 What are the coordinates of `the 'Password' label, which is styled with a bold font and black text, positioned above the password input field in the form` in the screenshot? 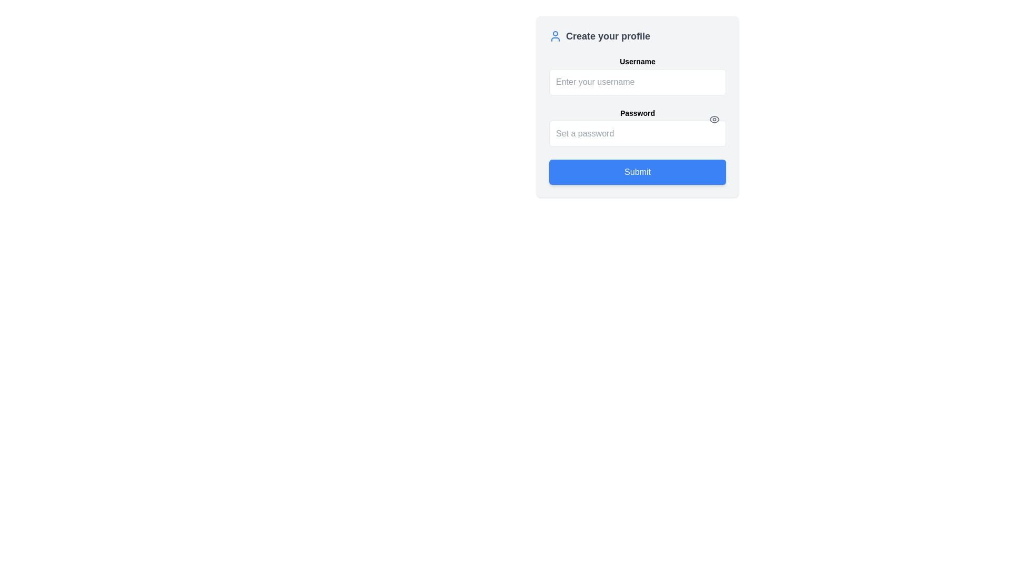 It's located at (637, 113).